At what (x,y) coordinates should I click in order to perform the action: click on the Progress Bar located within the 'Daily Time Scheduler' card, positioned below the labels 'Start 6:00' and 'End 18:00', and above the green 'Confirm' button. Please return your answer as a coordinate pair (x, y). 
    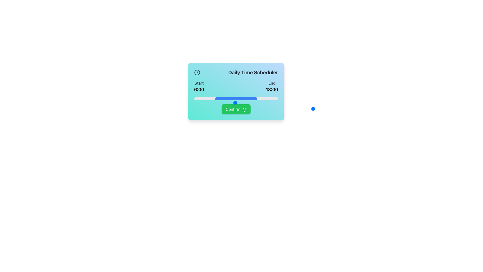
    Looking at the image, I should click on (236, 99).